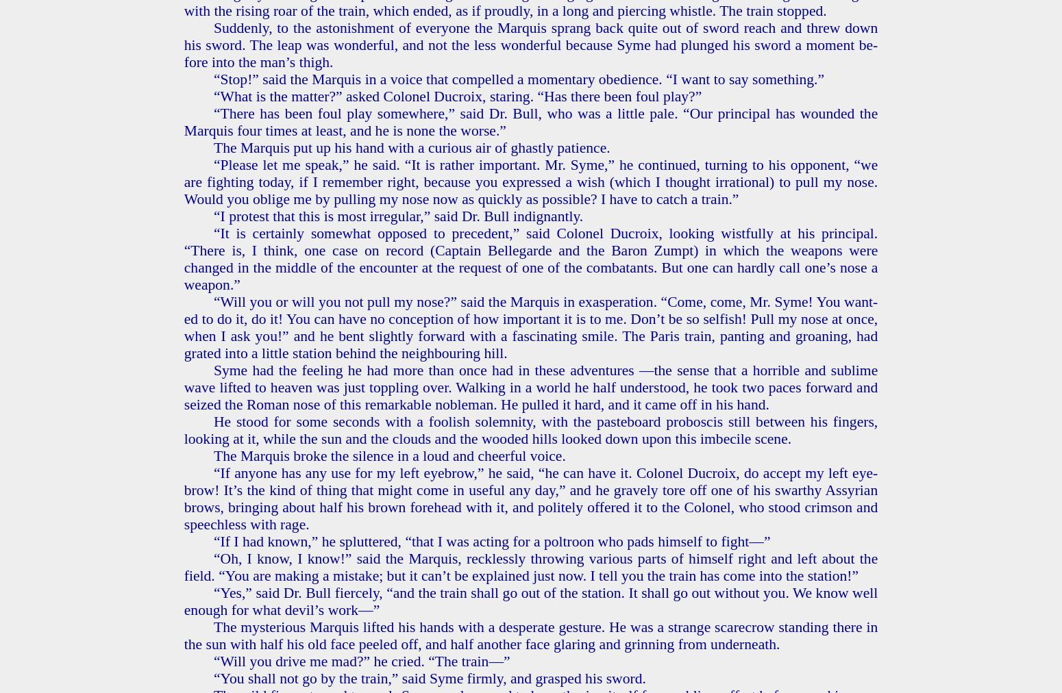  What do you see at coordinates (530, 635) in the screenshot?
I see `'The mys­te­ri­ous Mar­quis lift­ed his hands with a des­per­ate ges­ture. He was a strange scare­crow stand­ing there in the sun with half his old face peeled off, and half an­oth­er face glar­ing and grin­ning from un­der­neath.'` at bounding box center [530, 635].